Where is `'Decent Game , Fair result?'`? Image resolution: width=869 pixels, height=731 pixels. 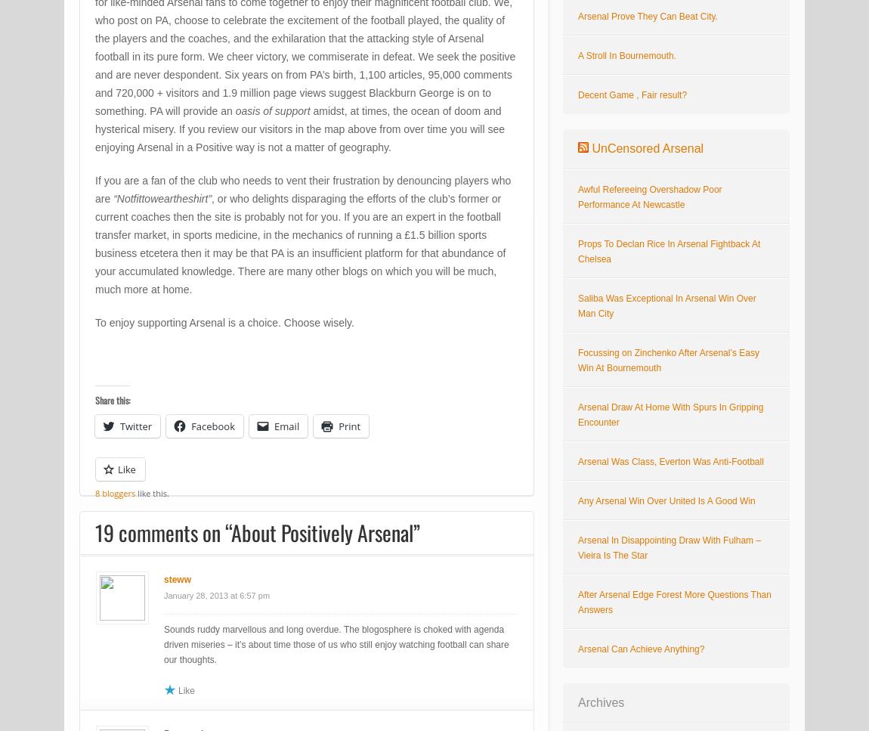 'Decent Game , Fair result?' is located at coordinates (631, 94).